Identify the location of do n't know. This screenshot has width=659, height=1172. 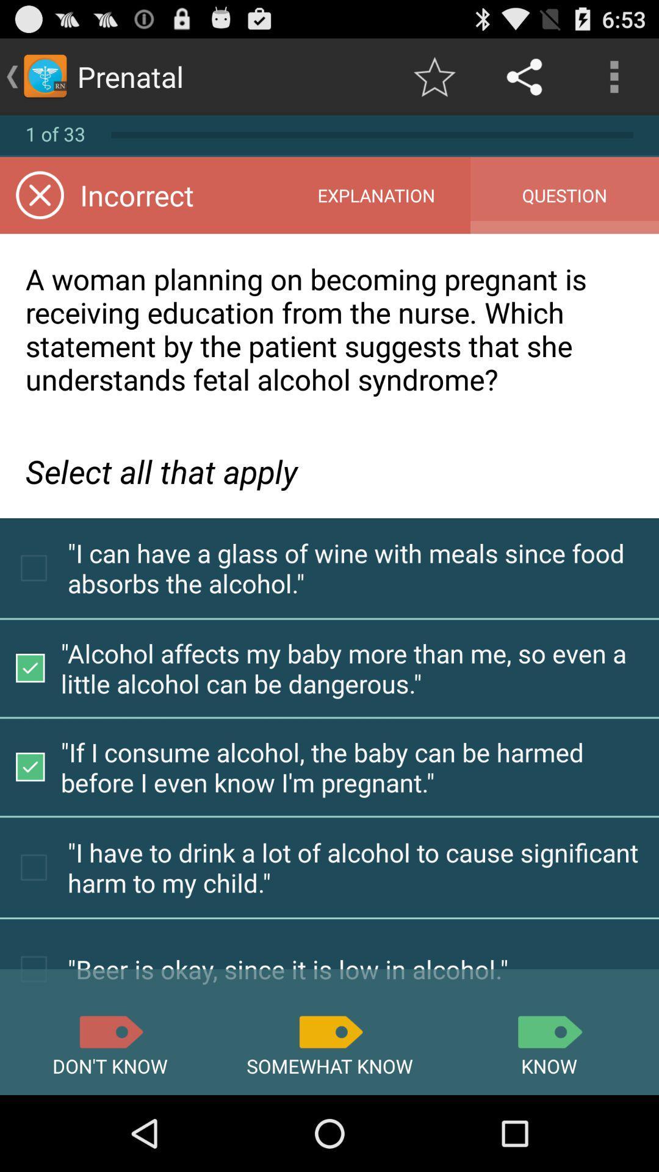
(110, 1031).